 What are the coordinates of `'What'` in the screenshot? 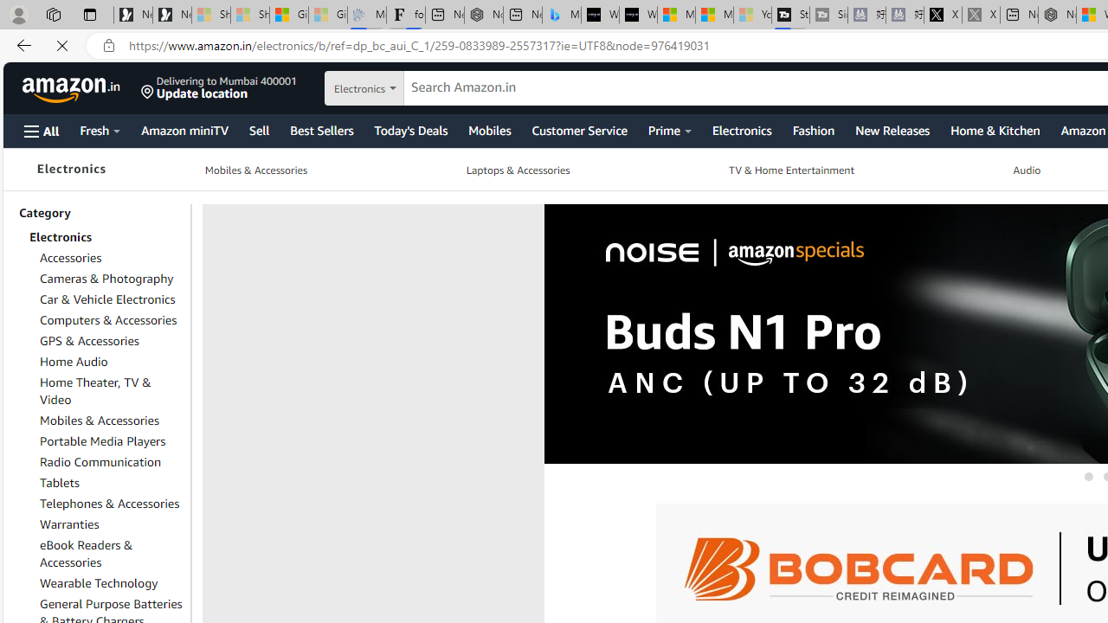 It's located at (637, 15).